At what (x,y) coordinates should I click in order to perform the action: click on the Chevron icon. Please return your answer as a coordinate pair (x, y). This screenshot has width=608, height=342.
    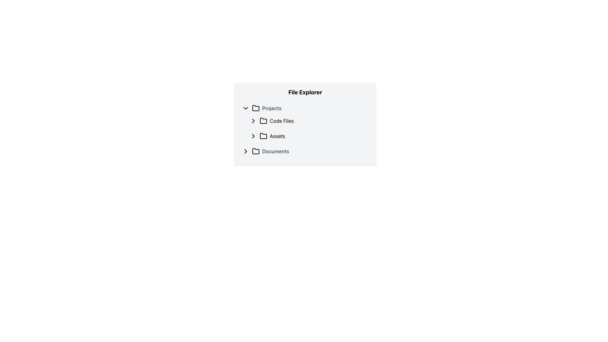
    Looking at the image, I should click on (245, 151).